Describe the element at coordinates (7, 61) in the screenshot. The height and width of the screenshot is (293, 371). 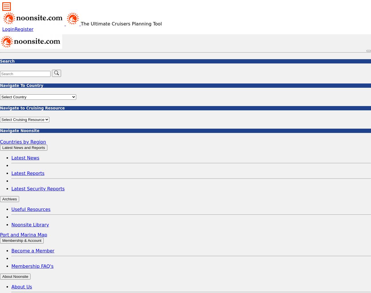
I see `'Search'` at that location.